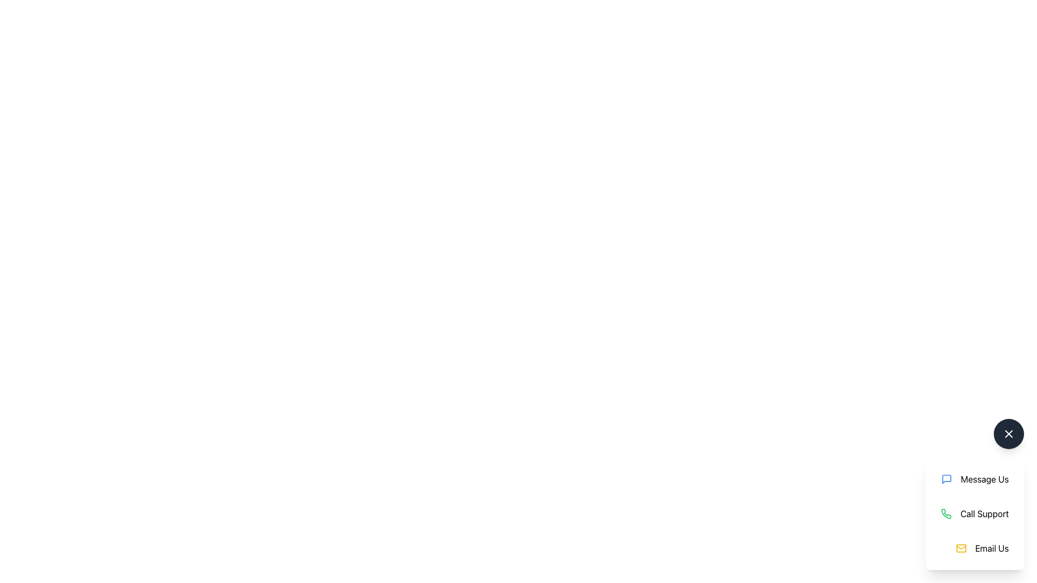 This screenshot has width=1037, height=583. What do you see at coordinates (946, 513) in the screenshot?
I see `the phone icon located on the left side within the 'Call Support' item, which is positioned between 'Message Us' above and 'Email Us' below` at bounding box center [946, 513].